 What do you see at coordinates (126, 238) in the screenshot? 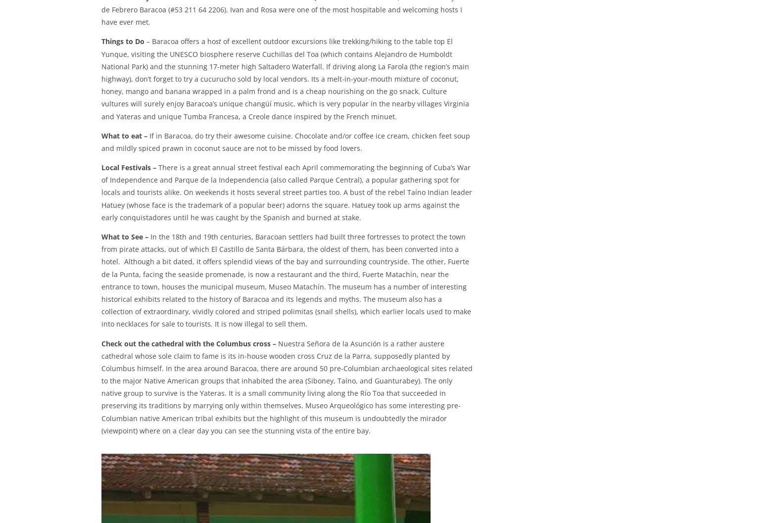
I see `'What to See –'` at bounding box center [126, 238].